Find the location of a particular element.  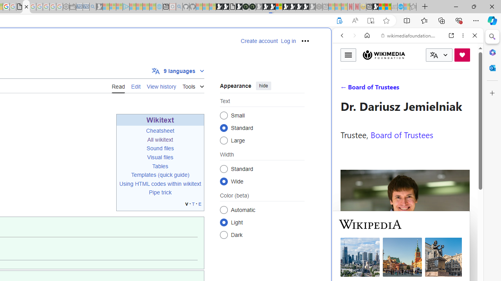

'CURRENT LANGUAGE:' is located at coordinates (439, 55).